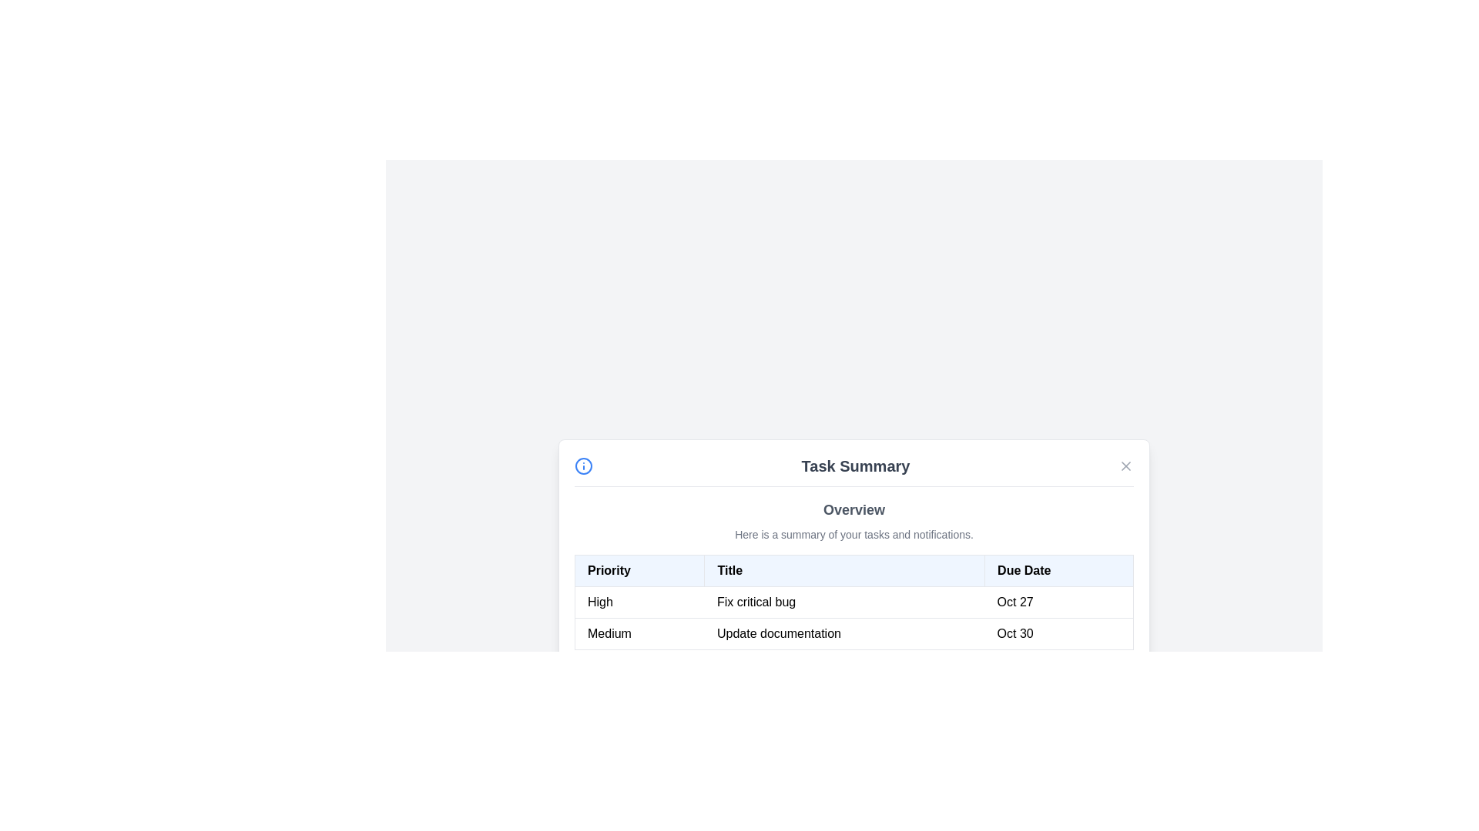  I want to click on the text element that serves as a brief descriptive summary about the current section, specifically located below the 'Overview' heading and above the task information table, so click(853, 533).